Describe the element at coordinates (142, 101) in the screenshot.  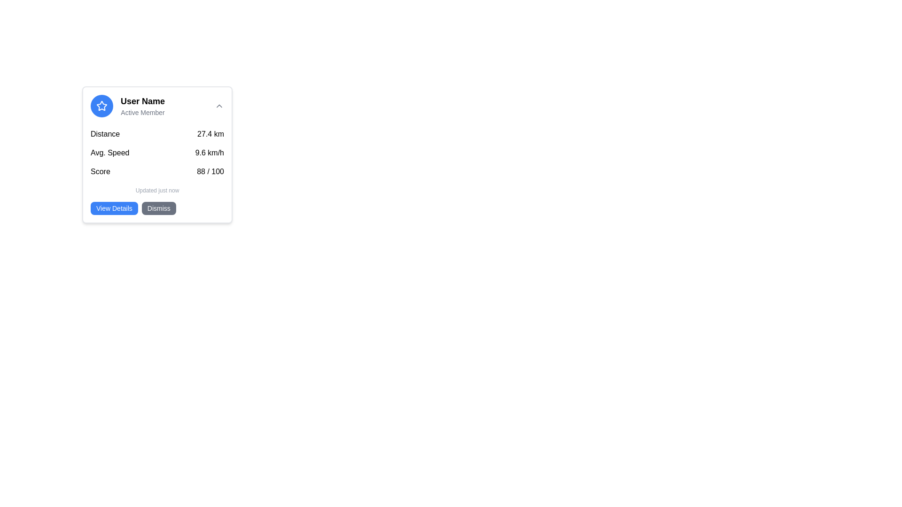
I see `the user's name text label located at the top of the card interface, above the 'Active Member' label` at that location.